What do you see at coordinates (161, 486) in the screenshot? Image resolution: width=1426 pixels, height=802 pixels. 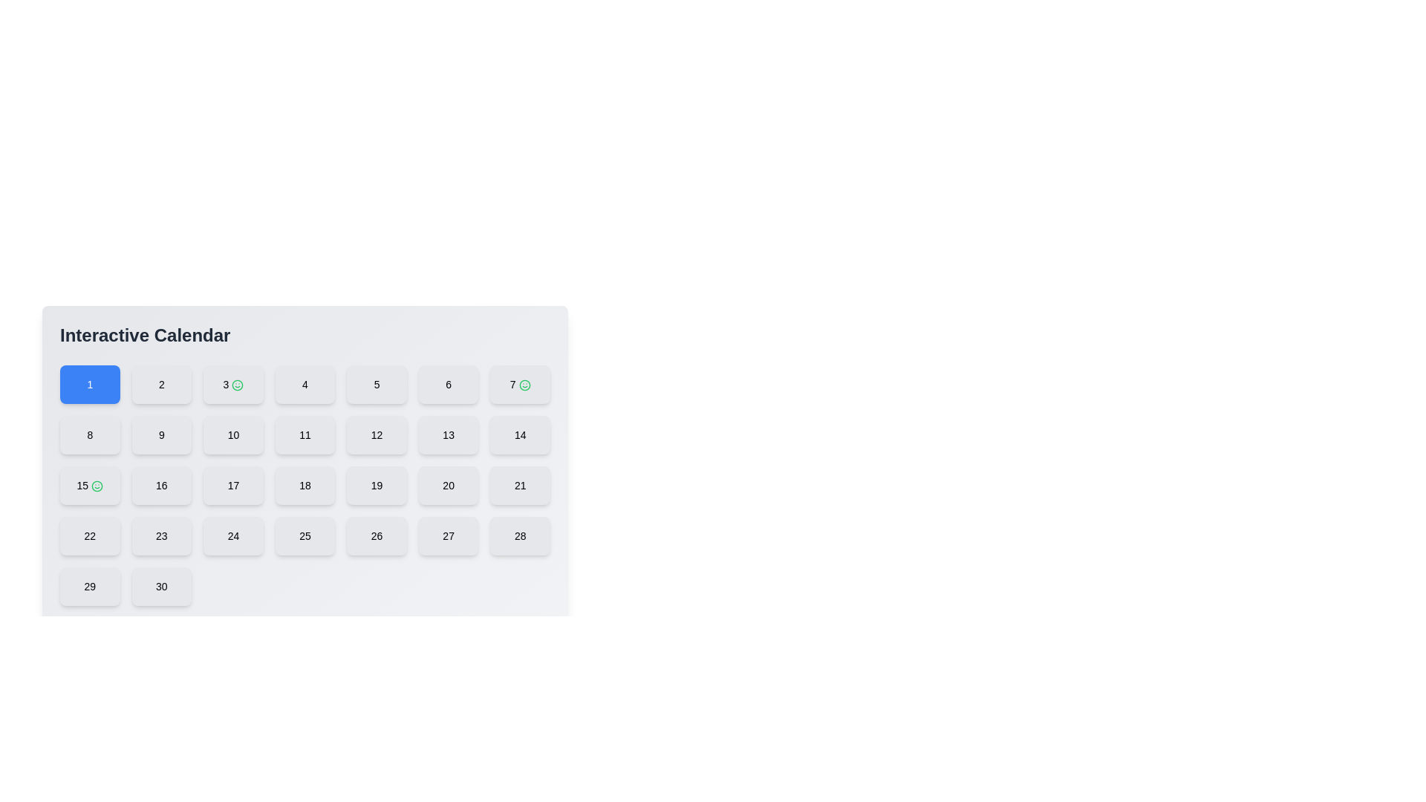 I see `the button representing the calendar date 16th, located` at bounding box center [161, 486].